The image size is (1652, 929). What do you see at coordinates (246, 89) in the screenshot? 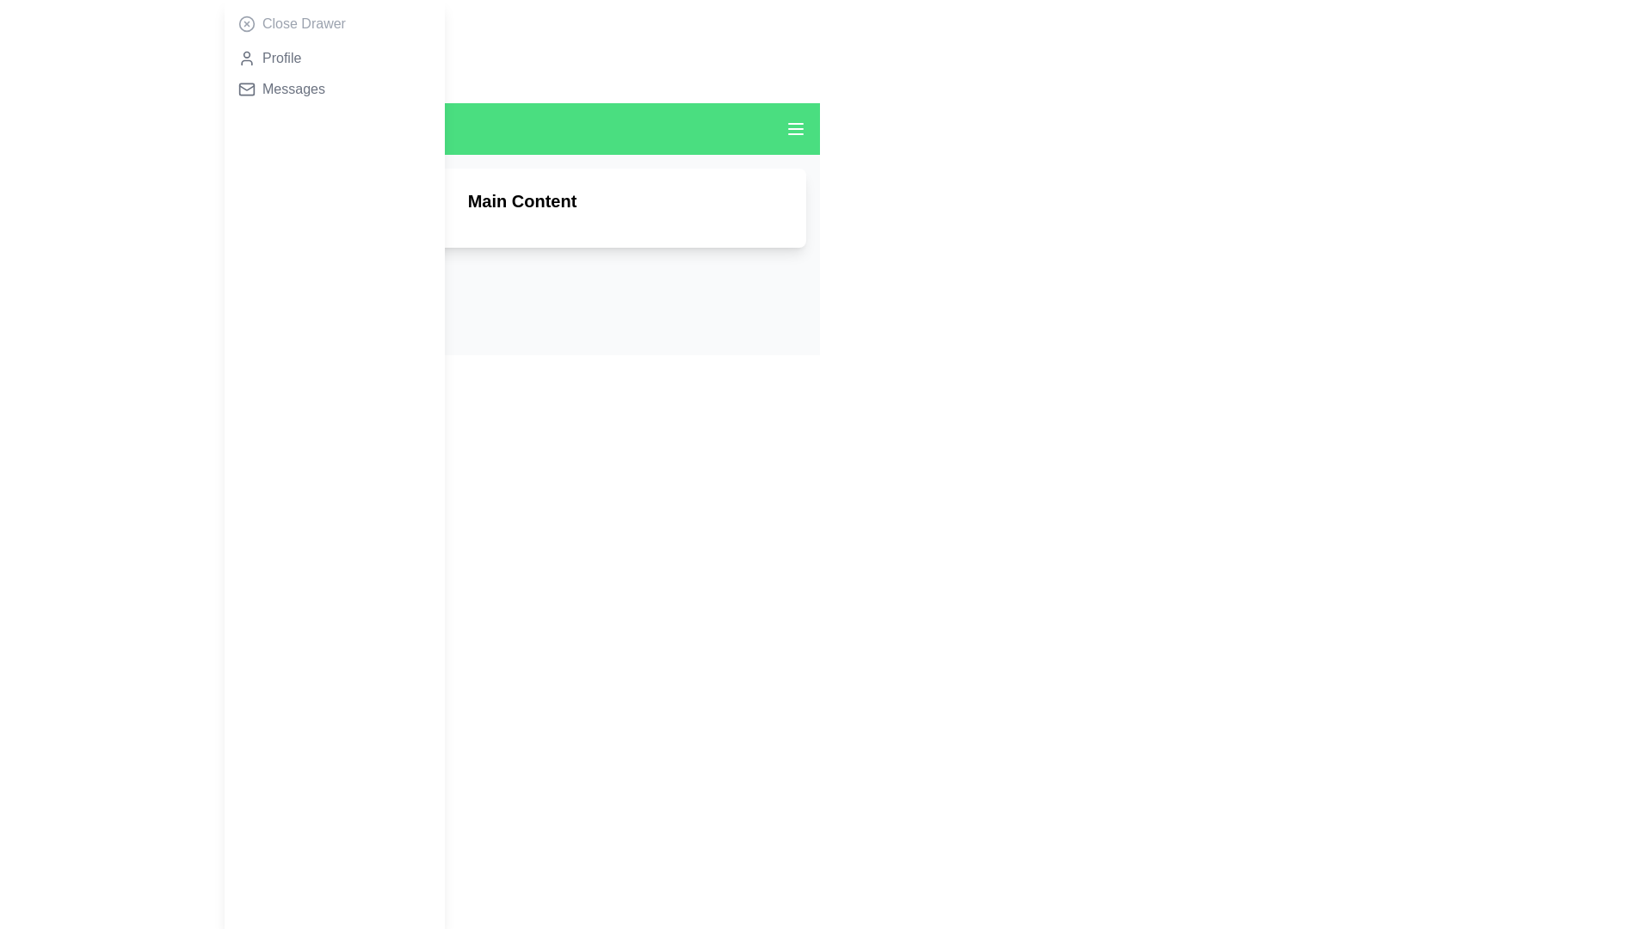
I see `the 'Messages' icon located to the left of the 'Messages' label in the vertical navigation menu, which is the second item beneath the 'Profile' menu` at bounding box center [246, 89].